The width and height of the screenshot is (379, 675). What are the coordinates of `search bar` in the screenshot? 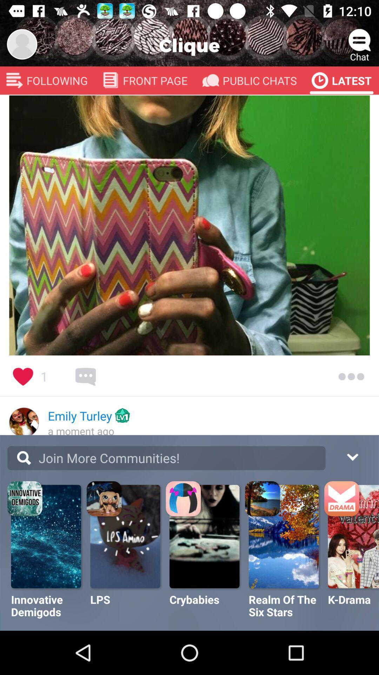 It's located at (166, 458).